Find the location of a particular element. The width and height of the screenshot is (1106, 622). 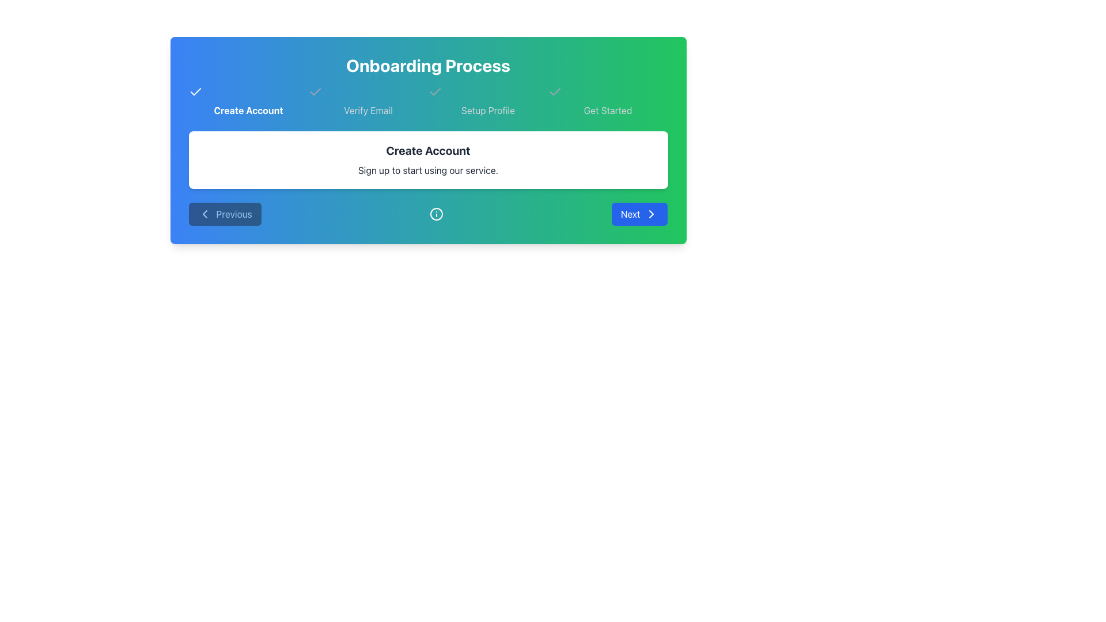

'Get Started' step indicator text label, which is the final stage in the onboarding process, located at the top-right of the green gradient section is located at coordinates (607, 111).